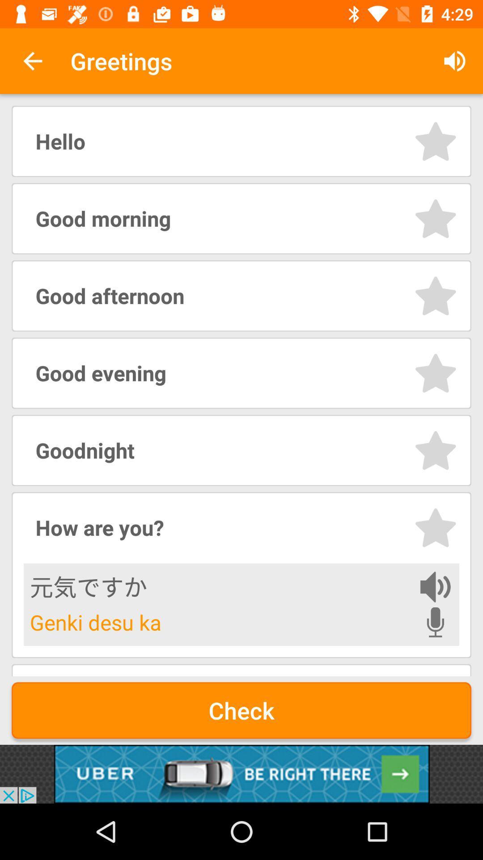 This screenshot has width=483, height=860. I want to click on star, so click(435, 450).